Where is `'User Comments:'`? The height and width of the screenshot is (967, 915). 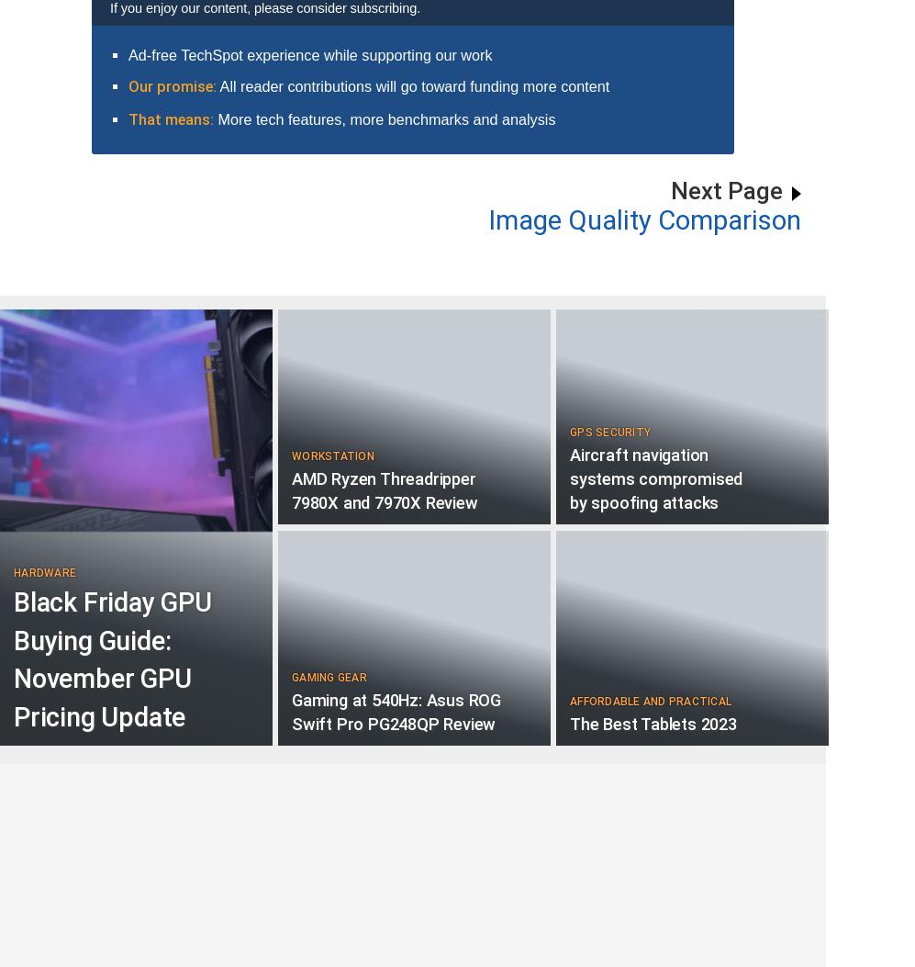 'User Comments:' is located at coordinates (125, 824).